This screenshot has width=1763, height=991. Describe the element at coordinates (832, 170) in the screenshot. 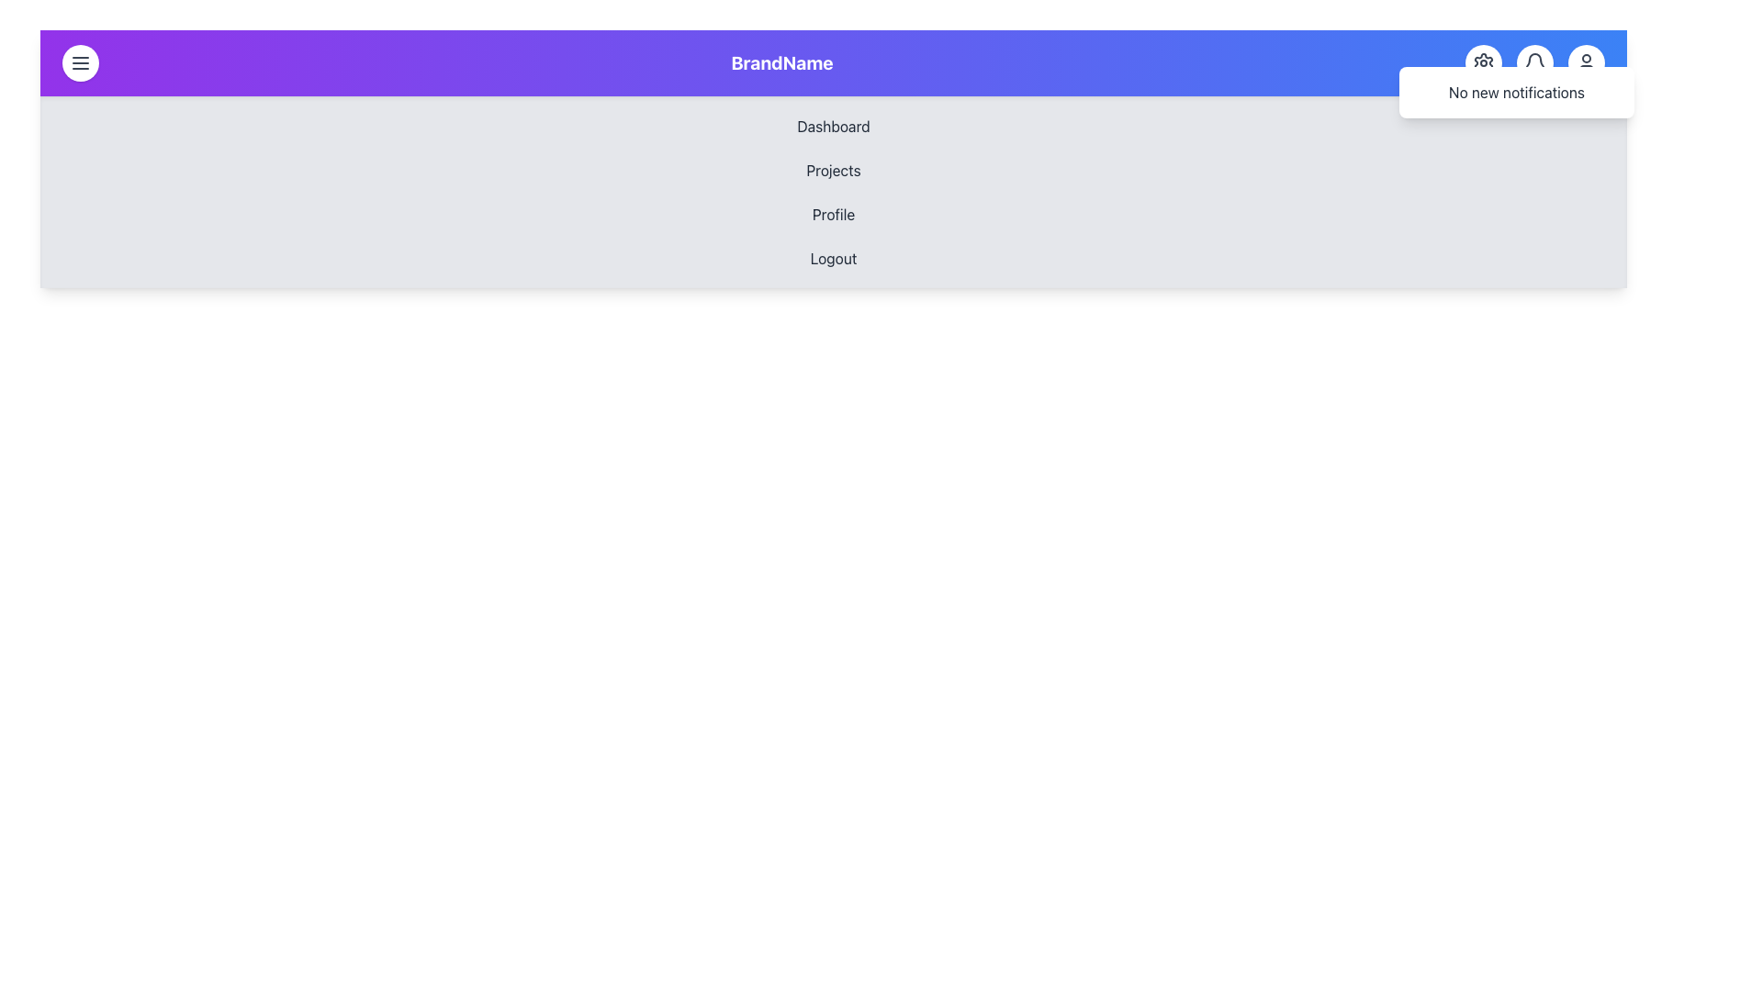

I see `the 'Projects' button, which is the second item in a vertical list of options` at that location.